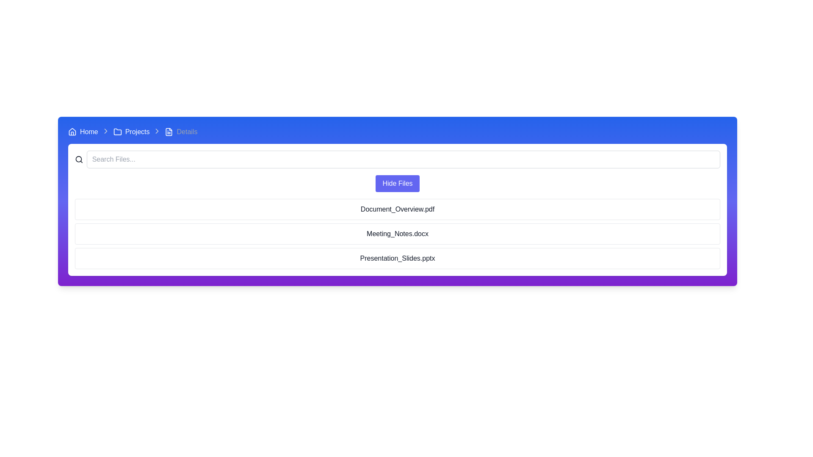  What do you see at coordinates (105, 131) in the screenshot?
I see `the non-interactive chevron icon in the breadcrumb navigation located between 'Projects' and 'Details' in the top navigation bar` at bounding box center [105, 131].